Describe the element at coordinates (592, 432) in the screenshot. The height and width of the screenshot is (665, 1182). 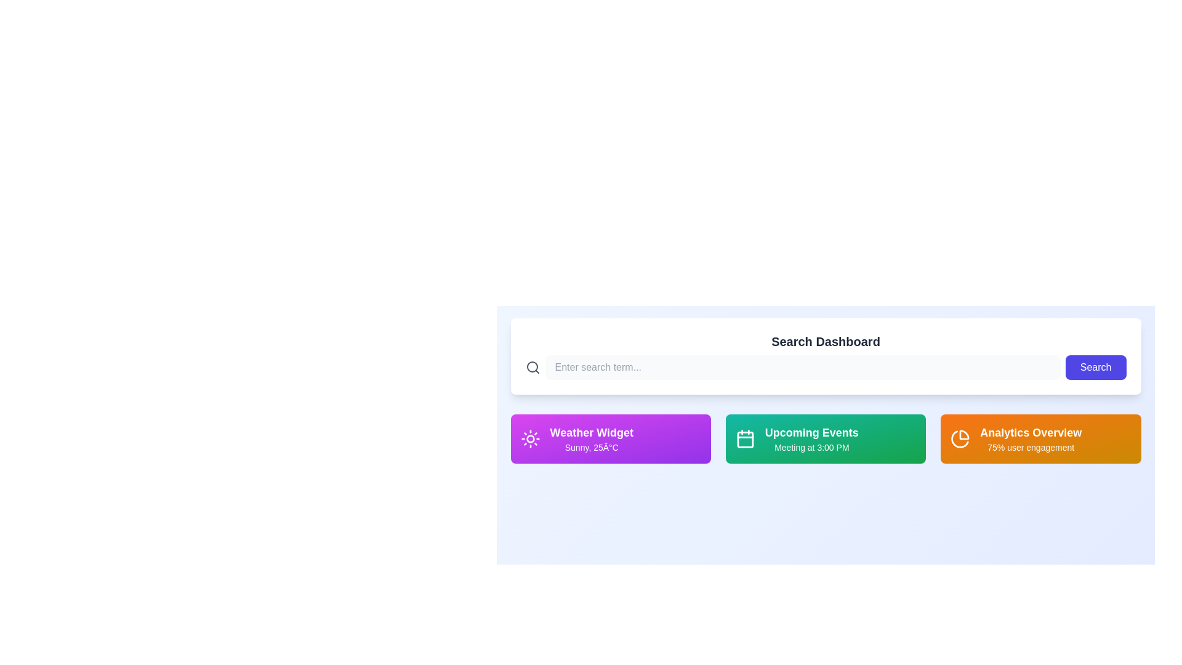
I see `the 'Weather Widget' title text label, which is located at the top of the purple 'Weather Widget' card` at that location.